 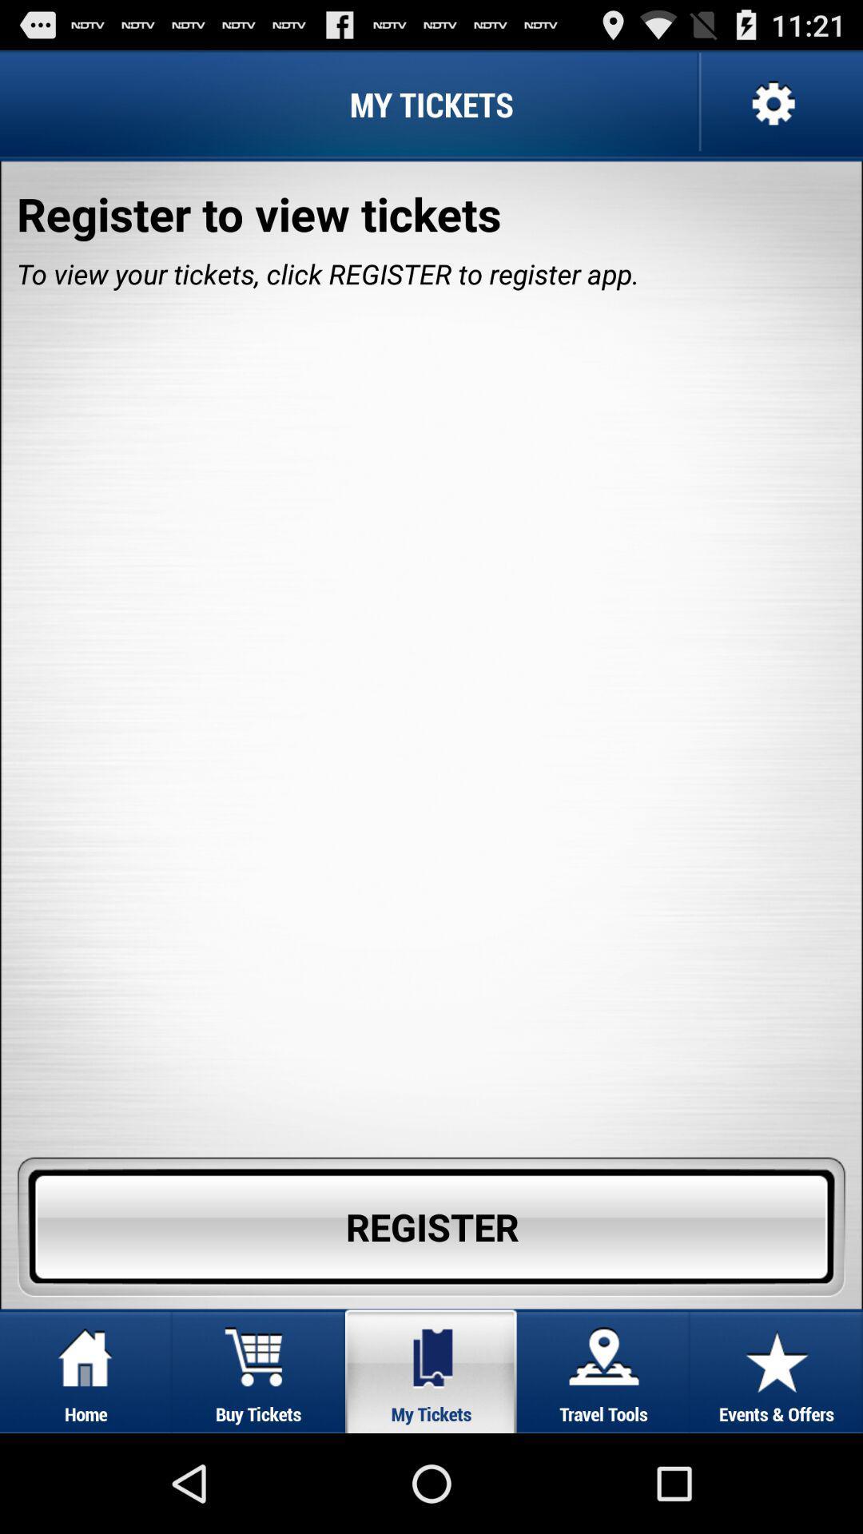 I want to click on open settings, so click(x=770, y=103).